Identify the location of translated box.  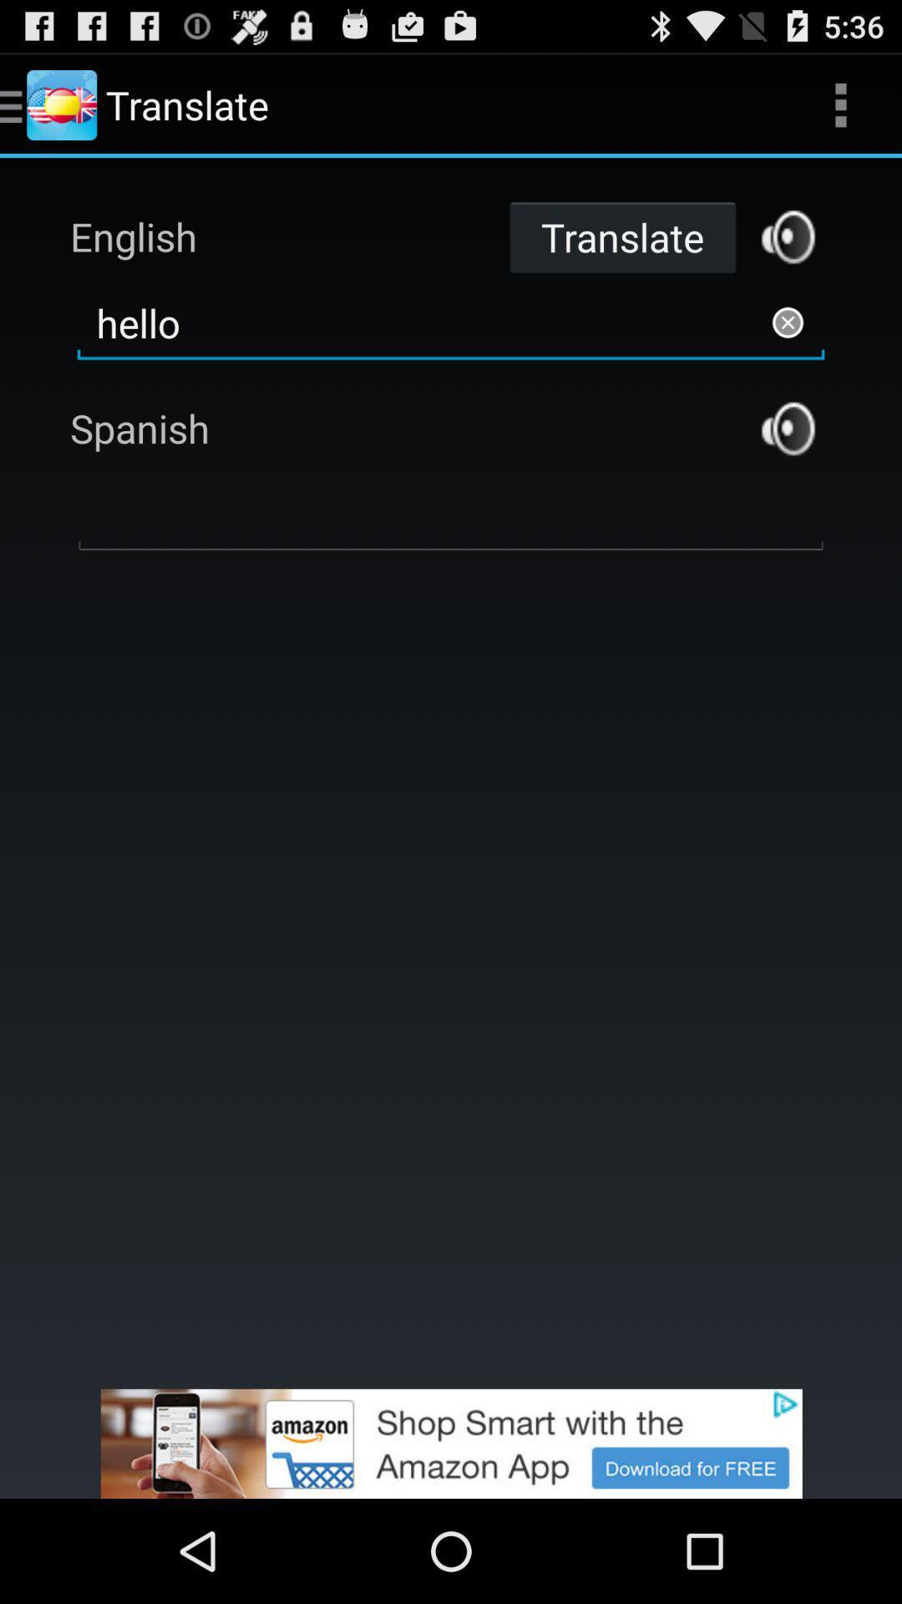
(451, 515).